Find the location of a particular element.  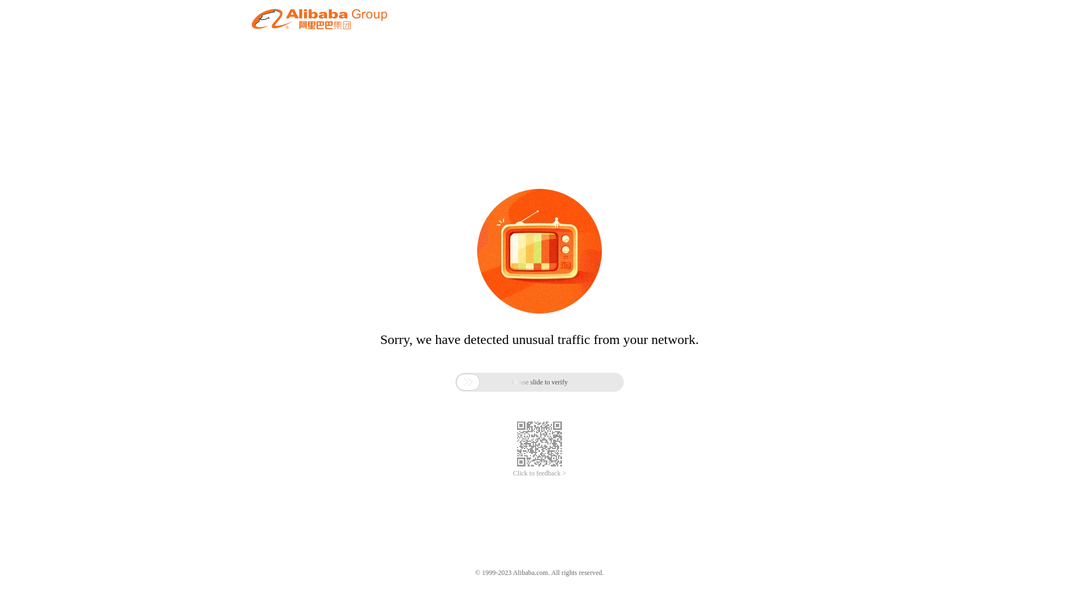

'Click to feedback >' is located at coordinates (539, 473).